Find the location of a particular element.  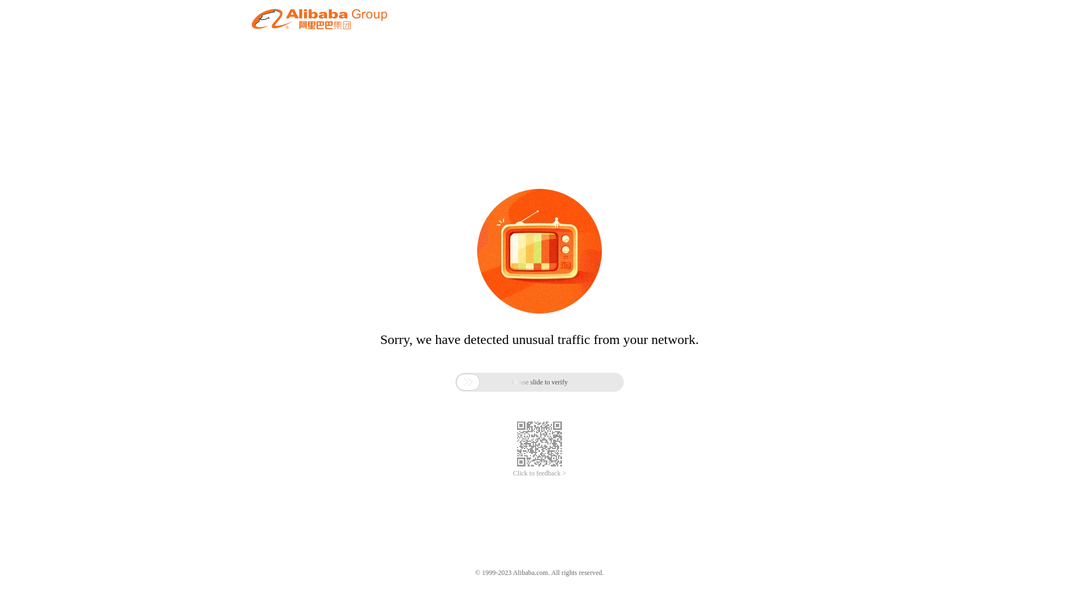

'Click to feedback >' is located at coordinates (539, 473).